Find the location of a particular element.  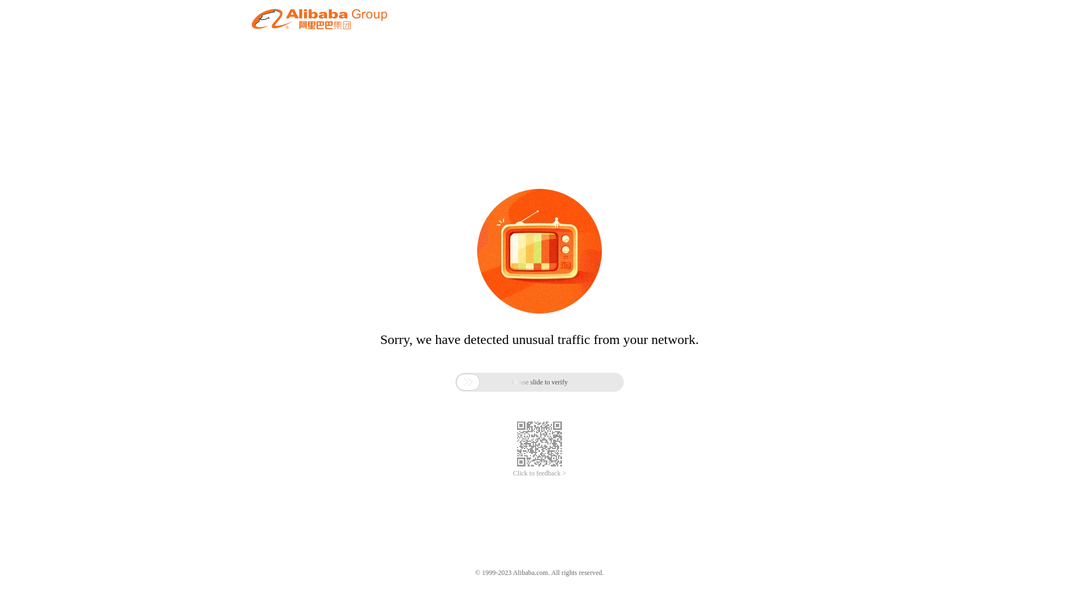

'Click to feedback >' is located at coordinates (539, 473).